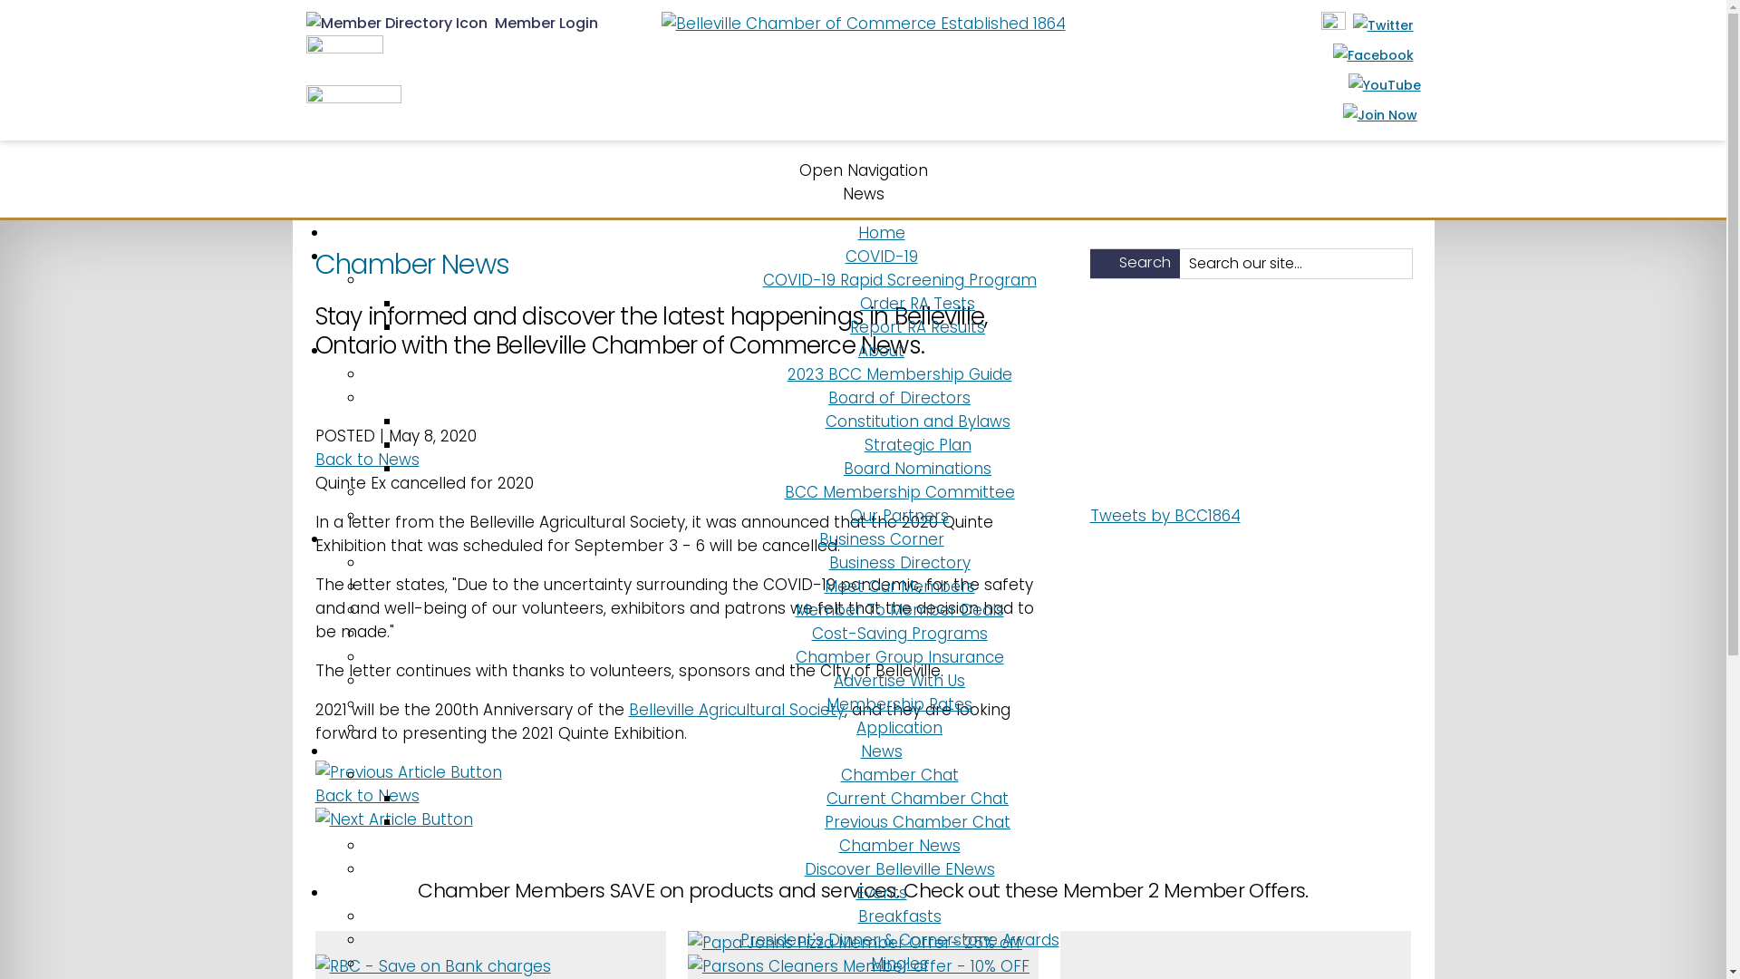  What do you see at coordinates (900, 657) in the screenshot?
I see `'Chamber Group Insurance'` at bounding box center [900, 657].